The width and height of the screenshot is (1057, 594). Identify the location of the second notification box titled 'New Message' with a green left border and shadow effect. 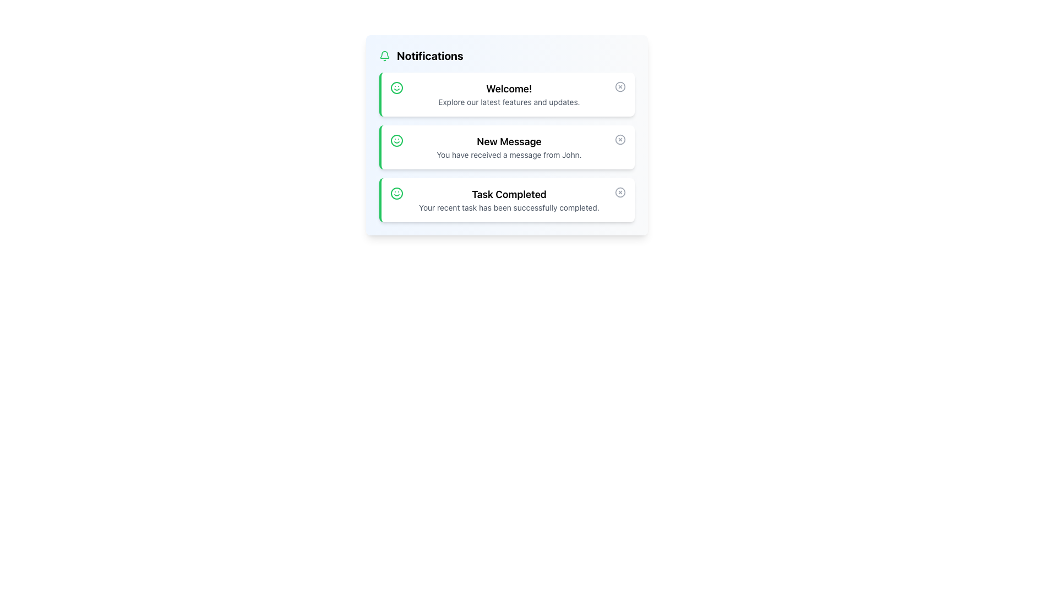
(506, 146).